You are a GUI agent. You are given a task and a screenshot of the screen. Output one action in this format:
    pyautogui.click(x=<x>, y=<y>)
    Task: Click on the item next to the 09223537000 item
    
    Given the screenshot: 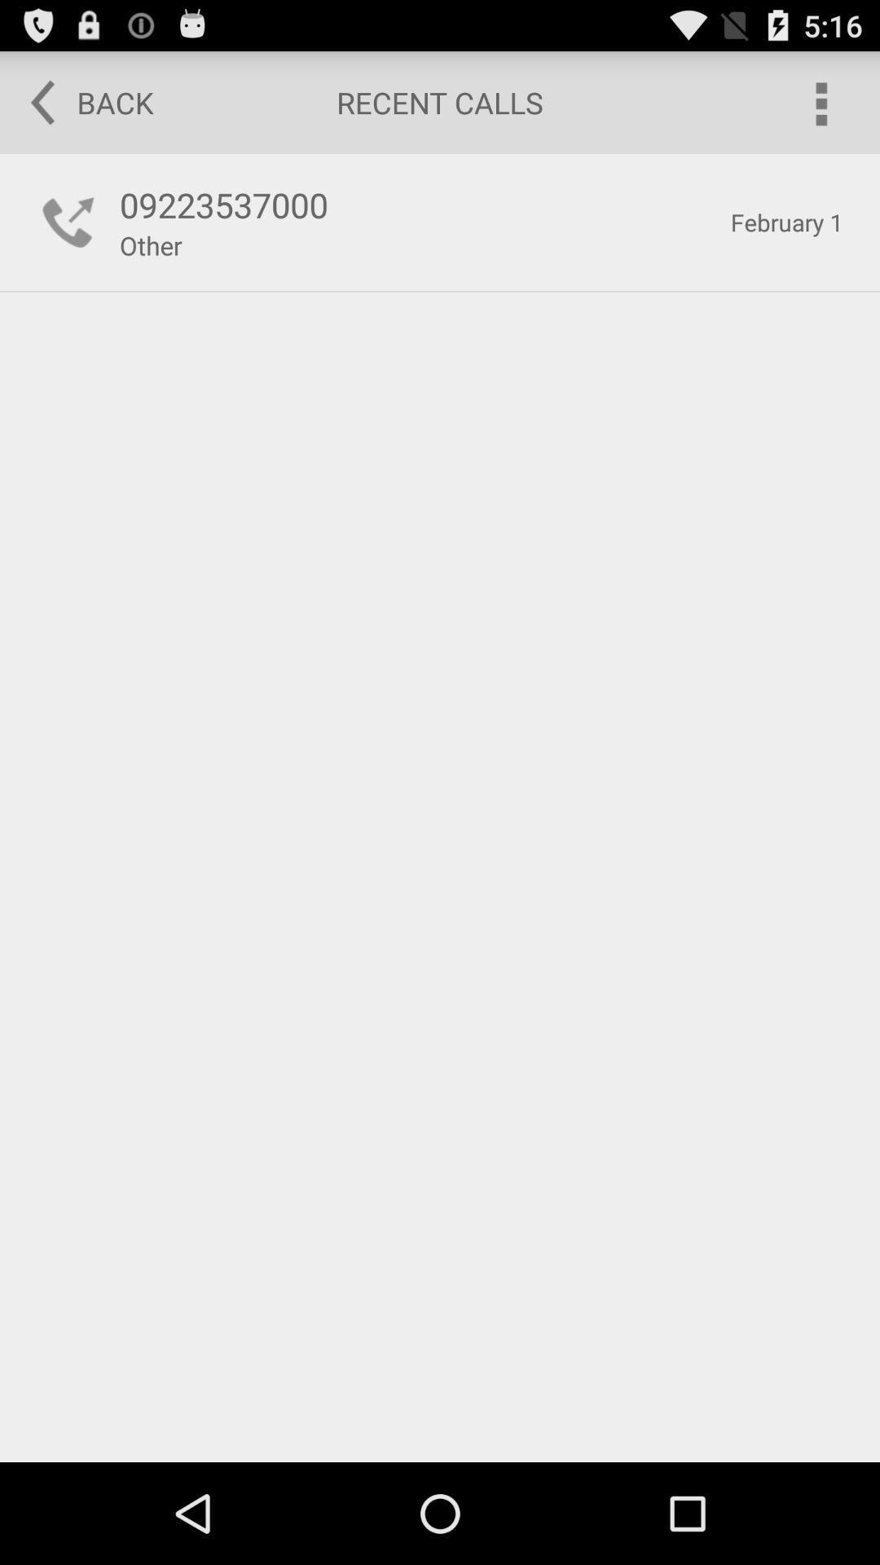 What is the action you would take?
    pyautogui.click(x=785, y=222)
    